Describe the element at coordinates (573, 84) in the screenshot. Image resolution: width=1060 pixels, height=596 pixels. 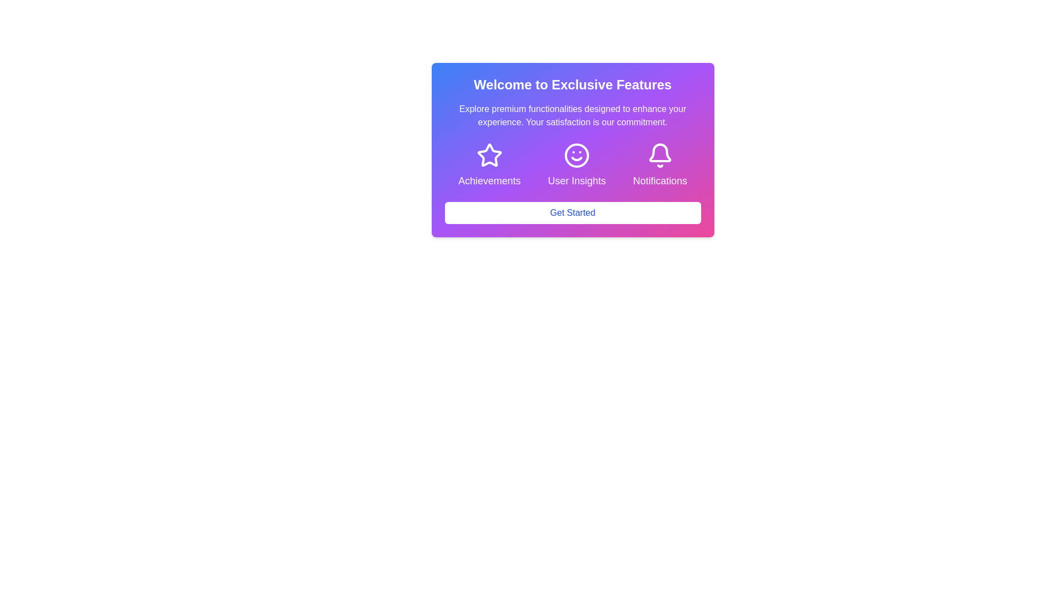
I see `the text header displaying 'Welcome to Exclusive Features', which is styled in bold, large font, and is positioned at the top-center of the interface with a gradient background` at that location.